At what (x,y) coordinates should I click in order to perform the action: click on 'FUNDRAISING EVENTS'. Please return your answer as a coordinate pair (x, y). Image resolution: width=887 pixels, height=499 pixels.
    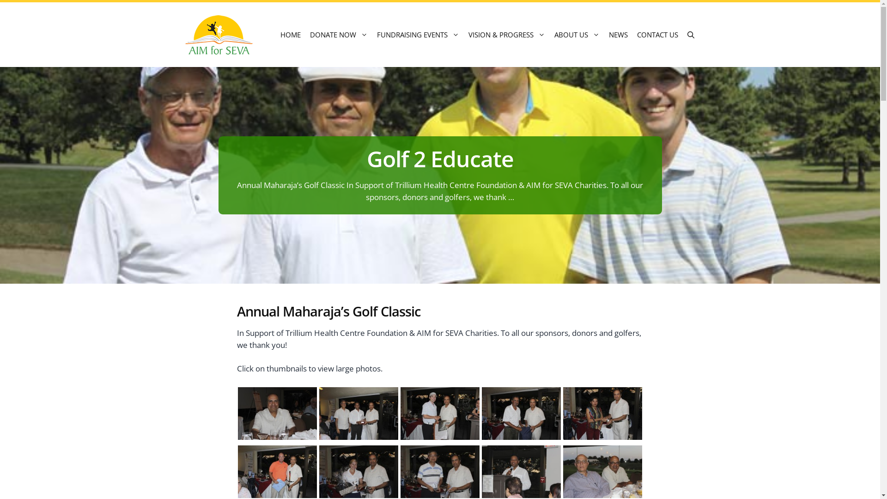
    Looking at the image, I should click on (418, 34).